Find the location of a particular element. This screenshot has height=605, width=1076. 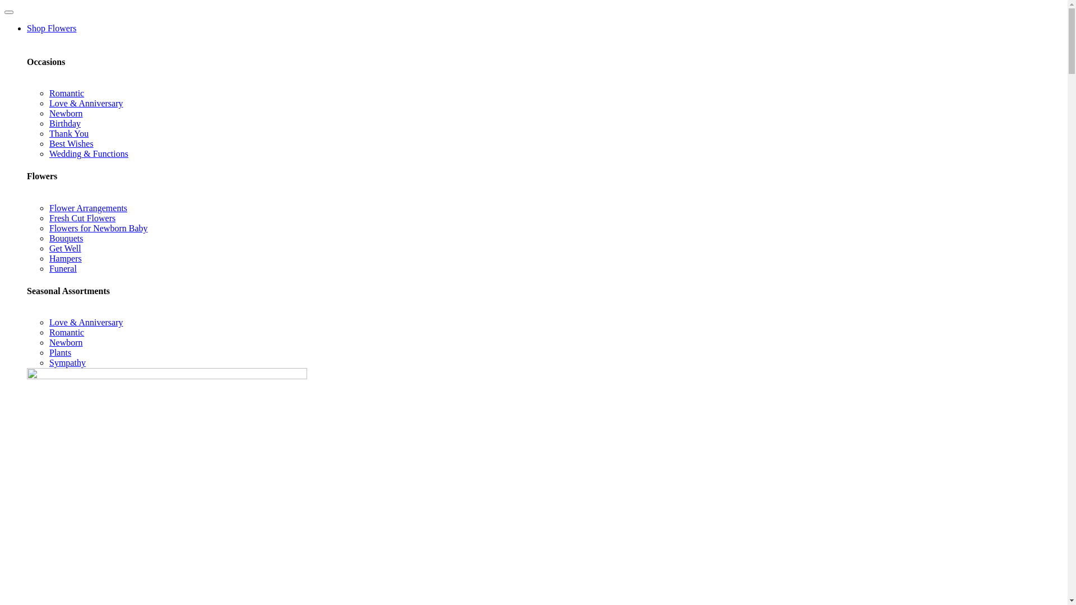

'Love & Anniversary' is located at coordinates (48, 103).